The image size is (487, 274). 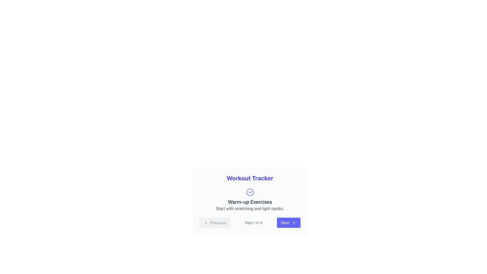 What do you see at coordinates (250, 208) in the screenshot?
I see `the instructional text element located directly below the 'Warm-up Exercises' label, which serves as additional guidance` at bounding box center [250, 208].